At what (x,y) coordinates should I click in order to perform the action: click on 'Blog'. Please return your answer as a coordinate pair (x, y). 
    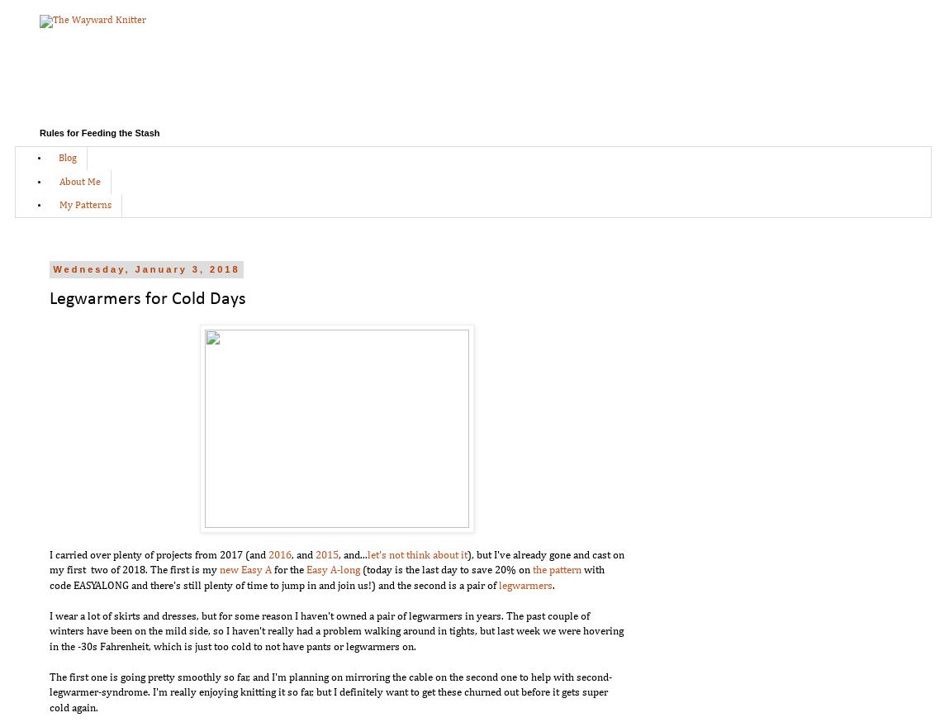
    Looking at the image, I should click on (58, 159).